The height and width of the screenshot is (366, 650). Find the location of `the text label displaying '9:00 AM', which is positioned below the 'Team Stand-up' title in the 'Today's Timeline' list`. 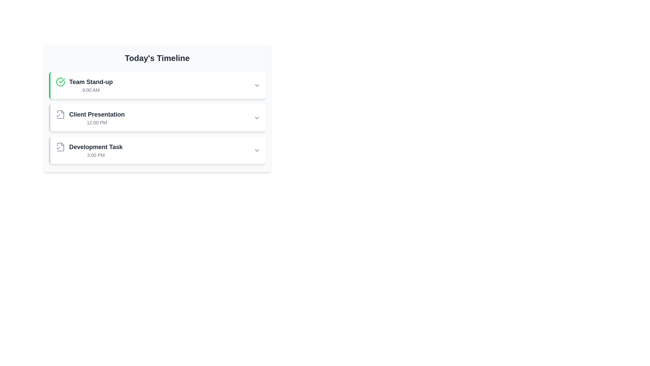

the text label displaying '9:00 AM', which is positioned below the 'Team Stand-up' title in the 'Today's Timeline' list is located at coordinates (90, 90).